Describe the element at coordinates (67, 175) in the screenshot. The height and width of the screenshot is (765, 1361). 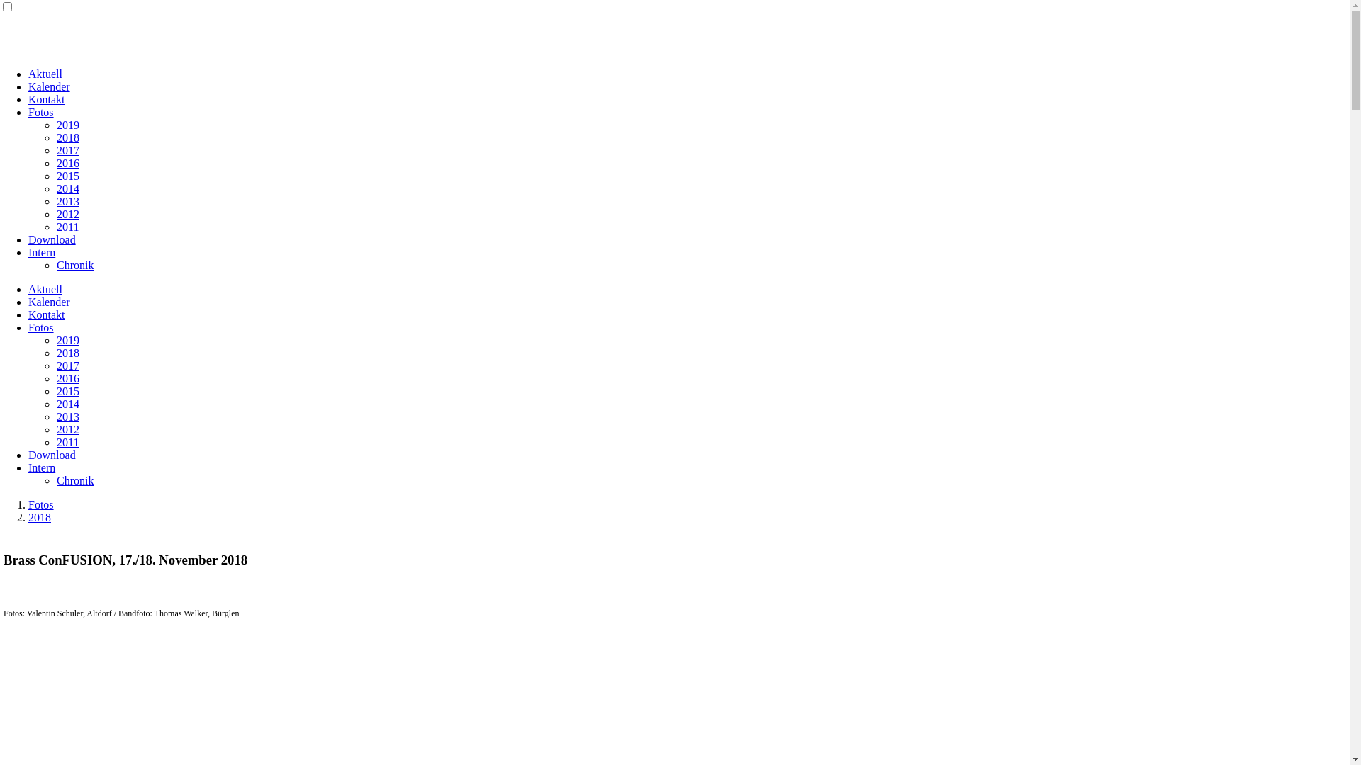
I see `'2015'` at that location.